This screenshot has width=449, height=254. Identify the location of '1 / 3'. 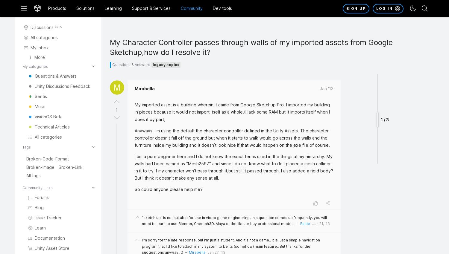
(385, 81).